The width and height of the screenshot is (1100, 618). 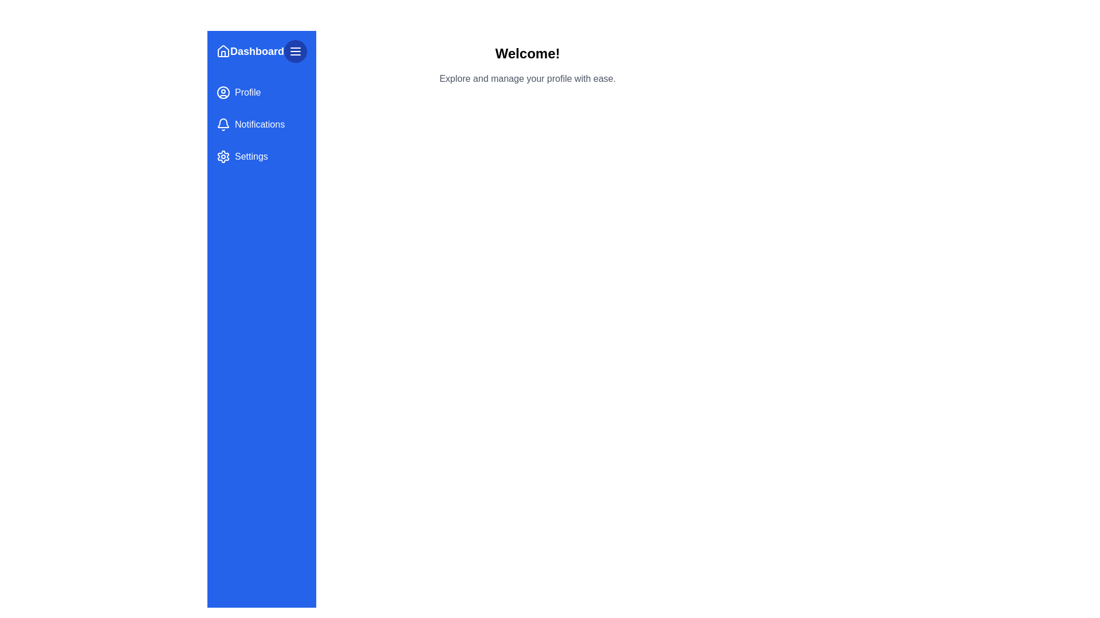 I want to click on the navigation icon located in the top-left side of the interface, adjacent to the 'Dashboard' text and above the menu icon, so click(x=223, y=50).